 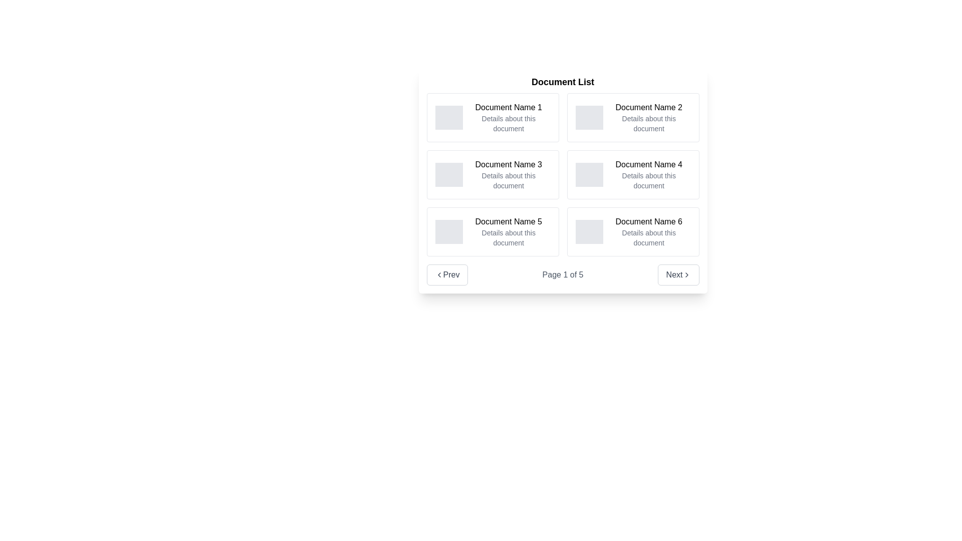 What do you see at coordinates (563, 174) in the screenshot?
I see `the third document item in the first column of the 'Document List' section` at bounding box center [563, 174].